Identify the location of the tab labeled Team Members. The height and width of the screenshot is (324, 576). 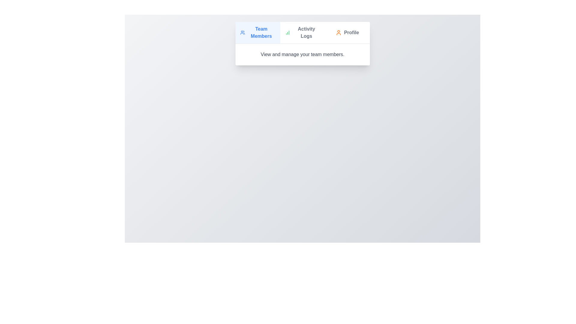
(258, 32).